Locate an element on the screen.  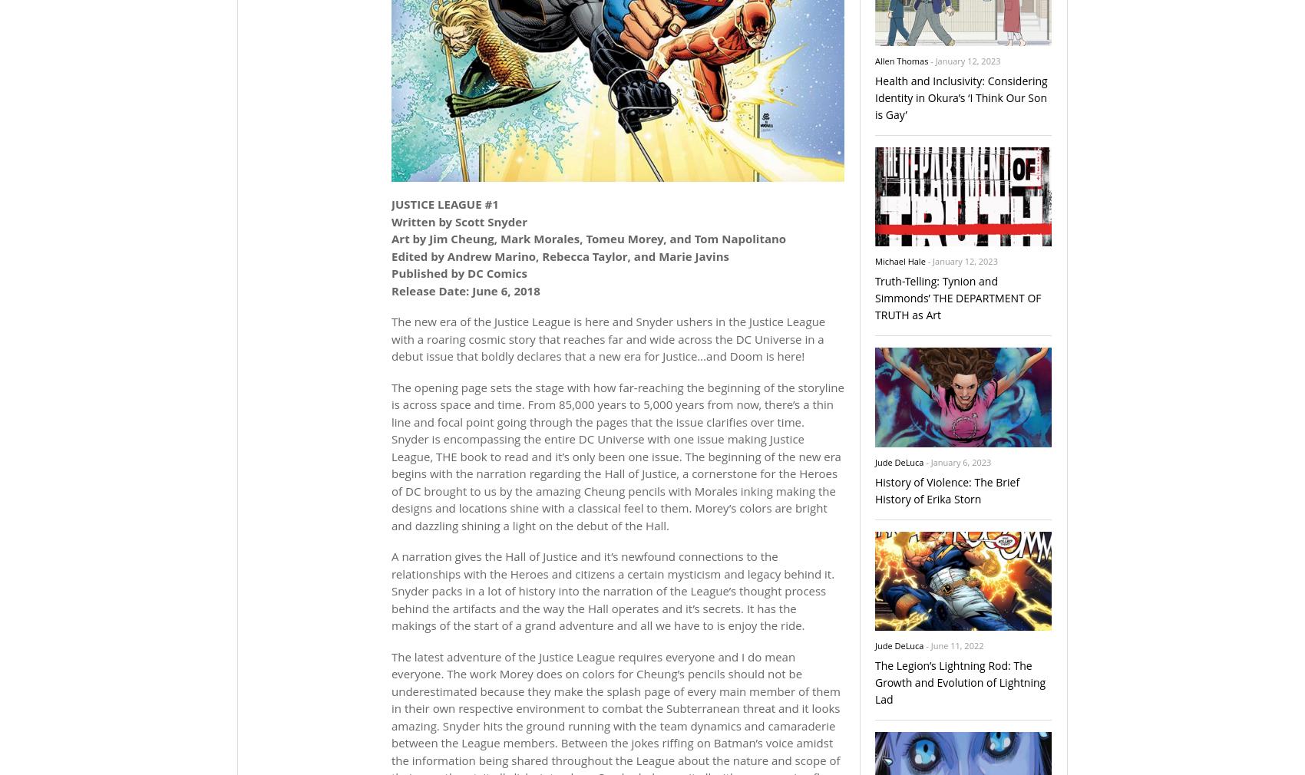
'Allen Thomas' is located at coordinates (900, 59).